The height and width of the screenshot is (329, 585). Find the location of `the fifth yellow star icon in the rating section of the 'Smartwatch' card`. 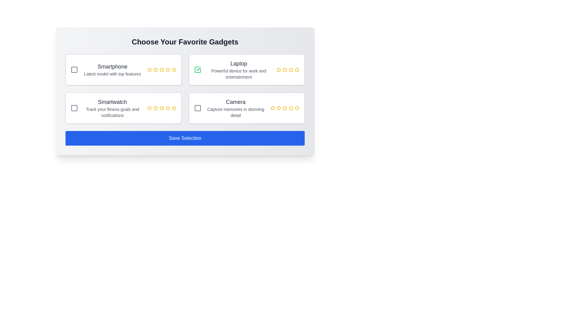

the fifth yellow star icon in the rating section of the 'Smartwatch' card is located at coordinates (173, 108).